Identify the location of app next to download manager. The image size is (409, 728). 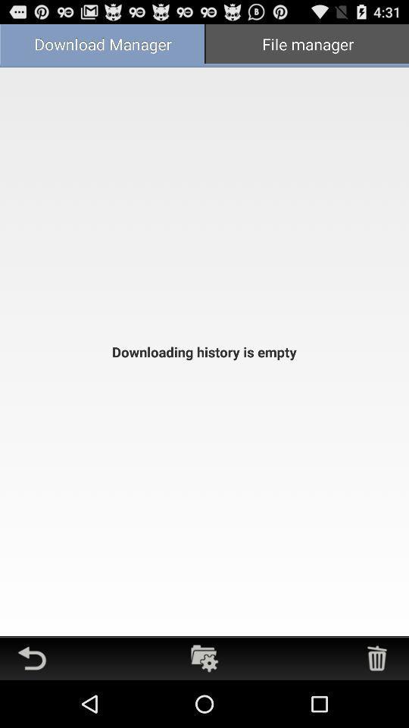
(307, 45).